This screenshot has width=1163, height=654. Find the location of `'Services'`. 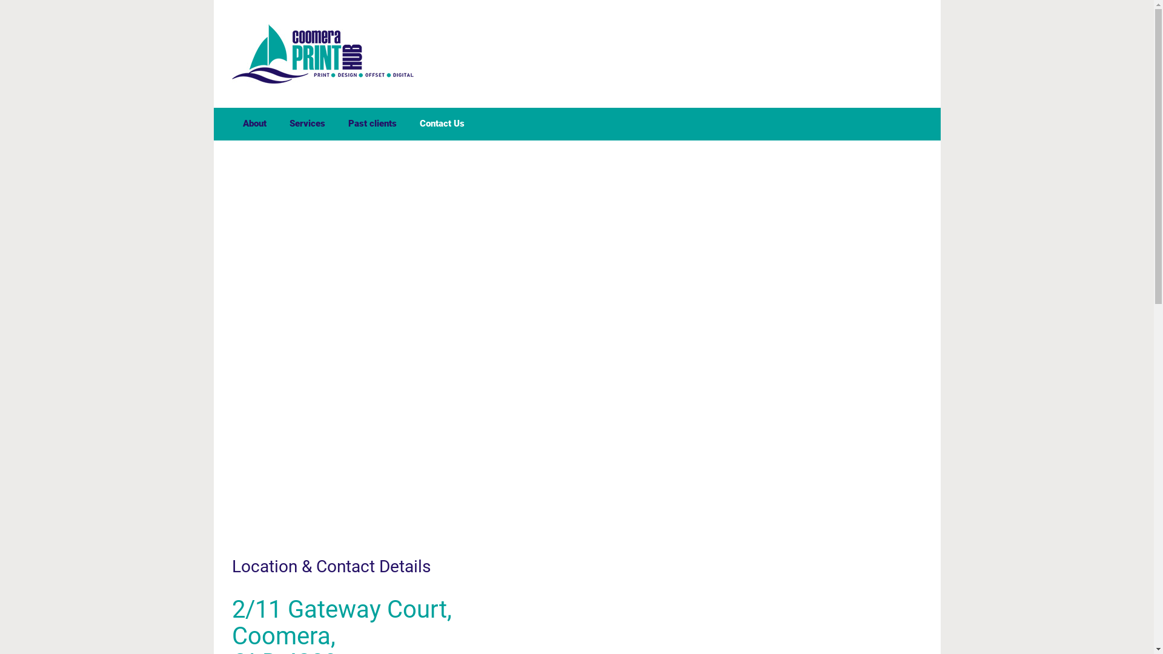

'Services' is located at coordinates (282, 124).